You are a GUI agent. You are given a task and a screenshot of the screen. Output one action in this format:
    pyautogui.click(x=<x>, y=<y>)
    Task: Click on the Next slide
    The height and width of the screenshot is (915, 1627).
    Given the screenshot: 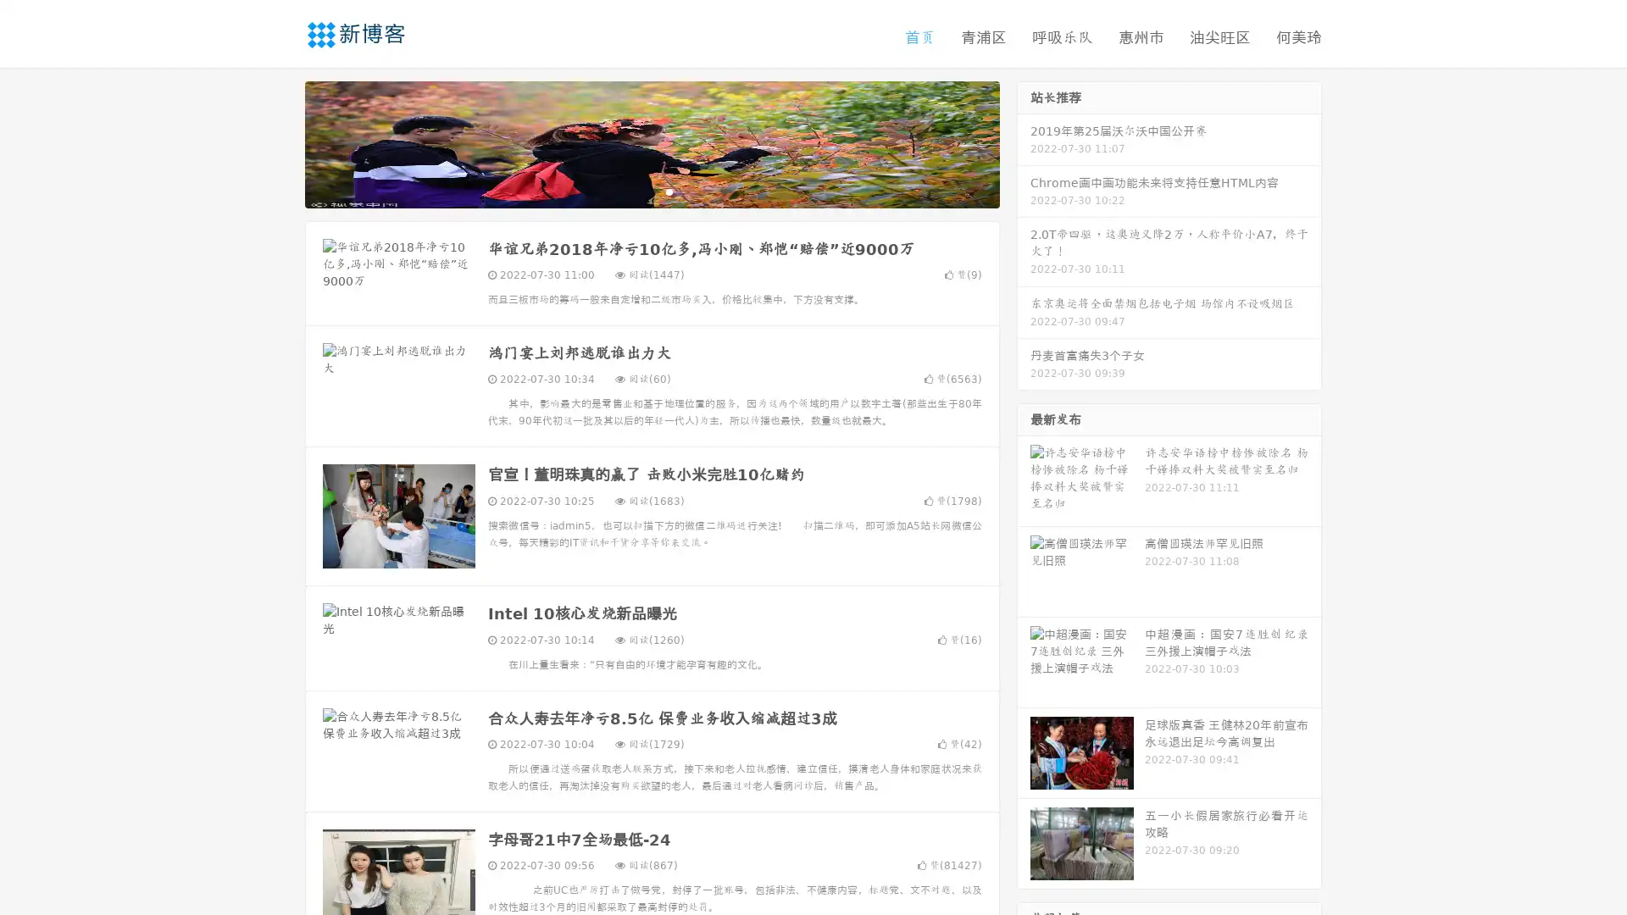 What is the action you would take?
    pyautogui.click(x=1024, y=142)
    